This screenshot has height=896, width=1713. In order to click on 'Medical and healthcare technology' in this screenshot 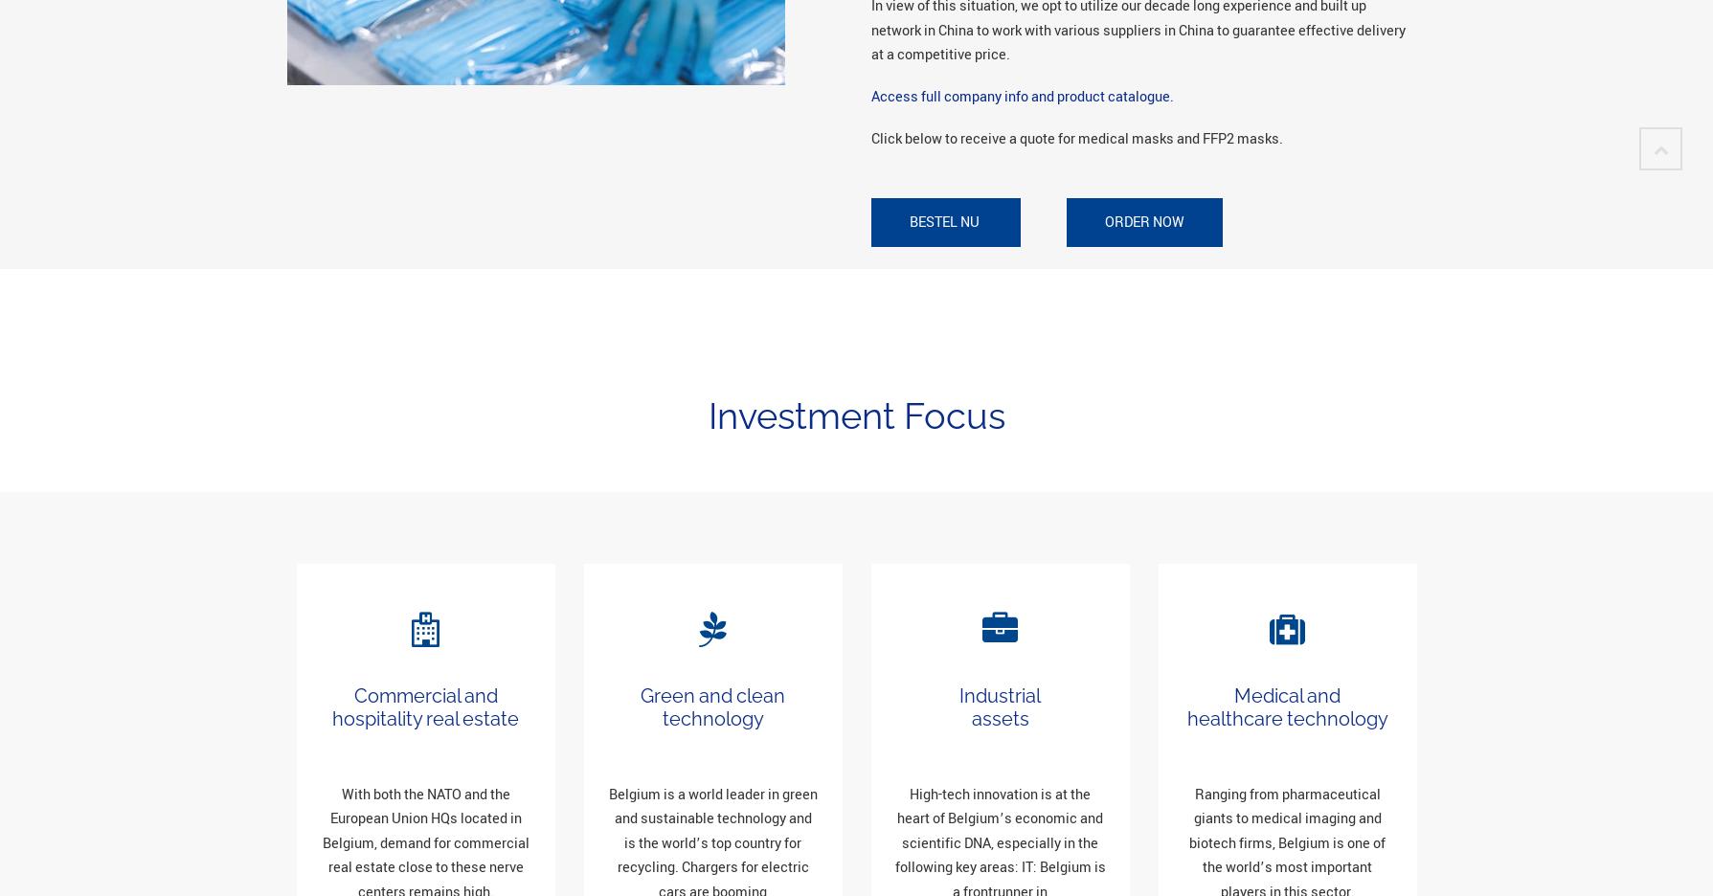, I will do `click(1287, 706)`.